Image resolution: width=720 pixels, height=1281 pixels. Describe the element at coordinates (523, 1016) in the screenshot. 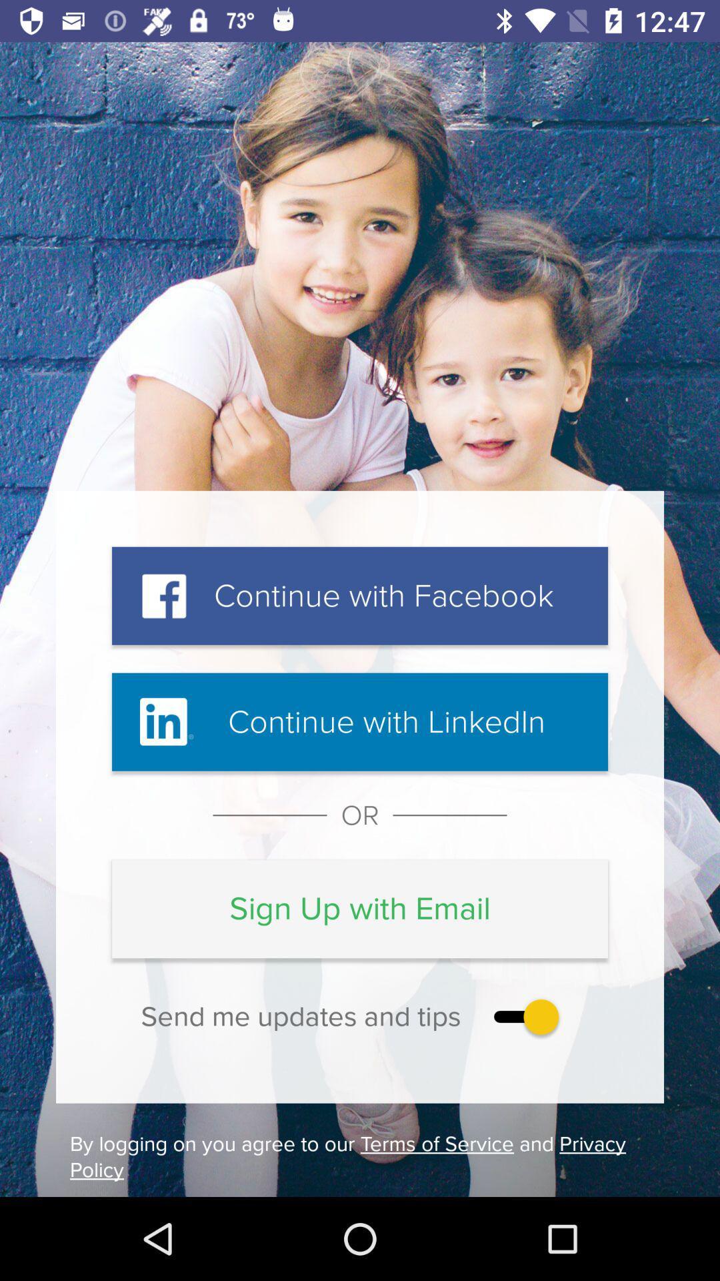

I see `the item to the right of the send me updates icon` at that location.